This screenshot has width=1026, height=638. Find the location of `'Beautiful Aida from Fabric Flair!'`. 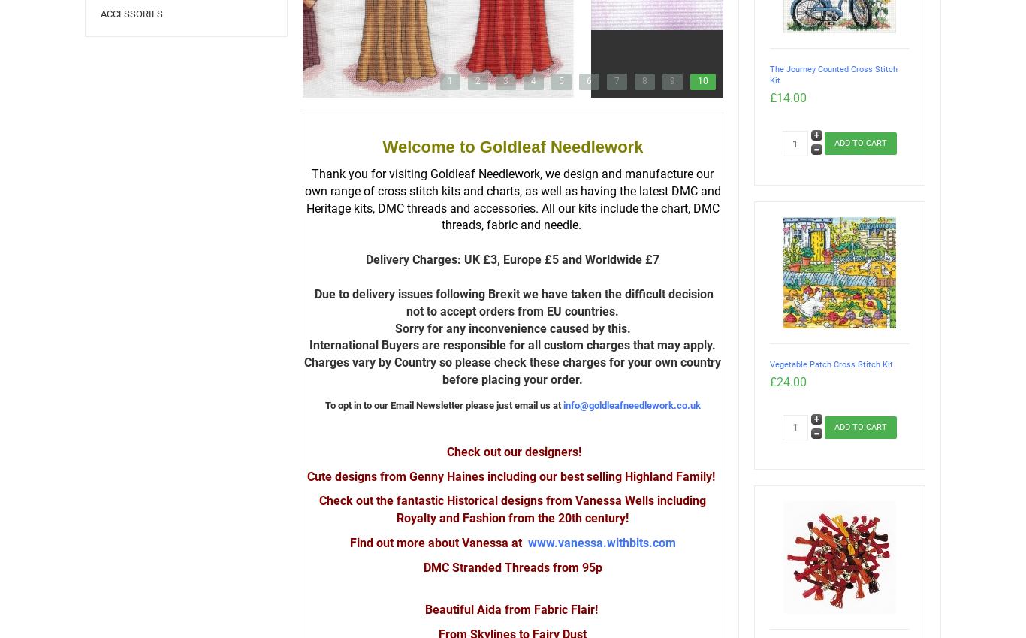

'Beautiful Aida from Fabric Flair!' is located at coordinates (511, 609).